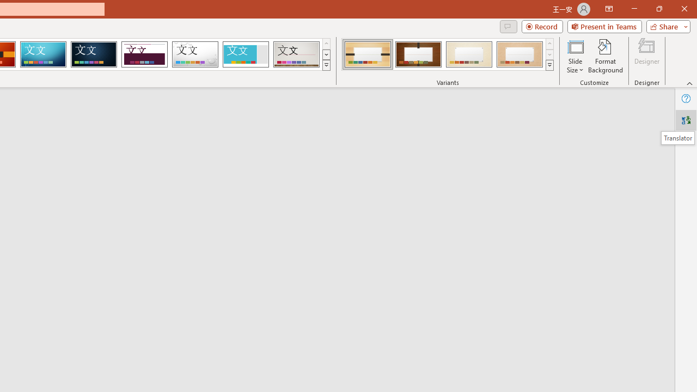 This screenshot has width=697, height=392. Describe the element at coordinates (686, 120) in the screenshot. I see `'Translator'` at that location.